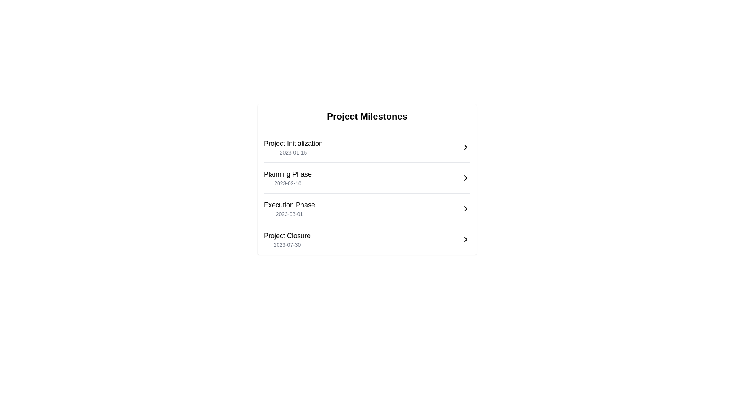 This screenshot has height=410, width=729. What do you see at coordinates (465, 209) in the screenshot?
I see `the navigation icon located in the last column of the row containing 'Execution Phase' and '2023-03-01'` at bounding box center [465, 209].